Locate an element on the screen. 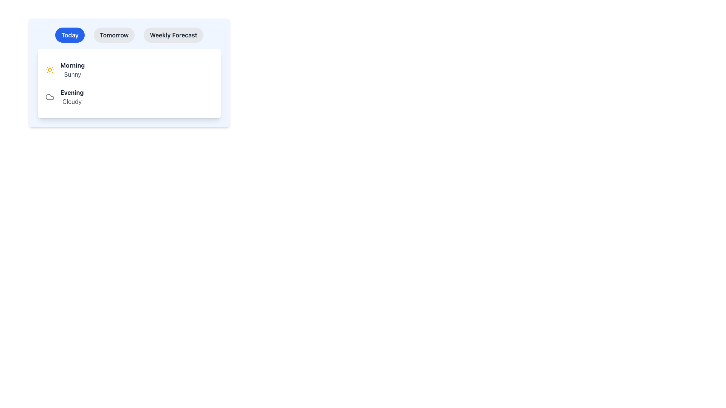  the text block displaying 'Evening' and 'Cloudy' located in the lower half of the panel under the 'Today' section is located at coordinates (72, 97).